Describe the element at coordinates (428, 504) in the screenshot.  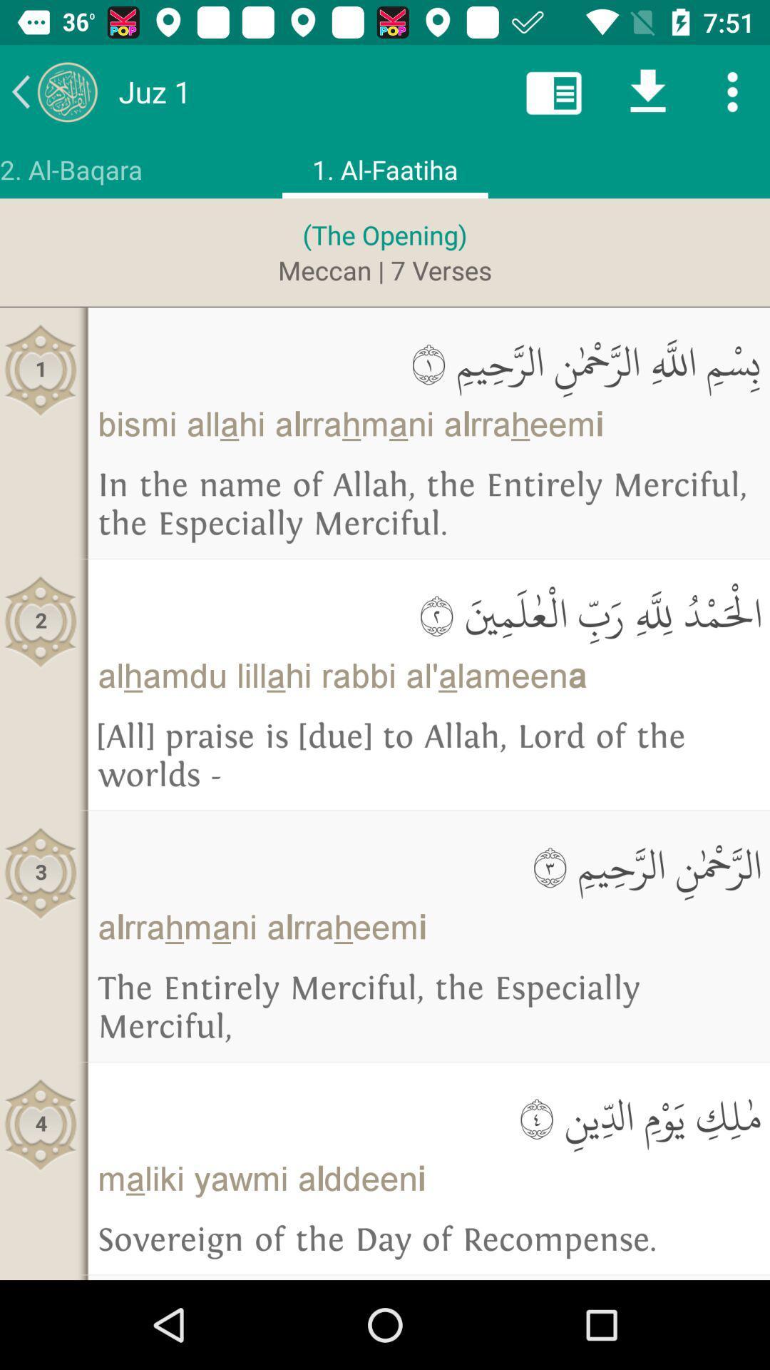
I see `in the name icon` at that location.